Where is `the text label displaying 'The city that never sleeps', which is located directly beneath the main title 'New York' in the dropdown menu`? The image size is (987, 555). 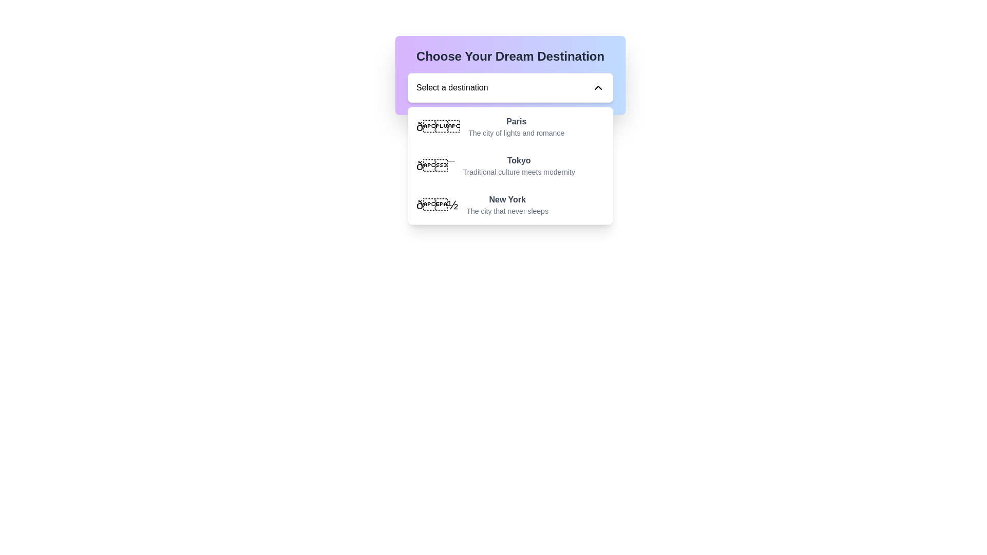 the text label displaying 'The city that never sleeps', which is located directly beneath the main title 'New York' in the dropdown menu is located at coordinates (507, 211).